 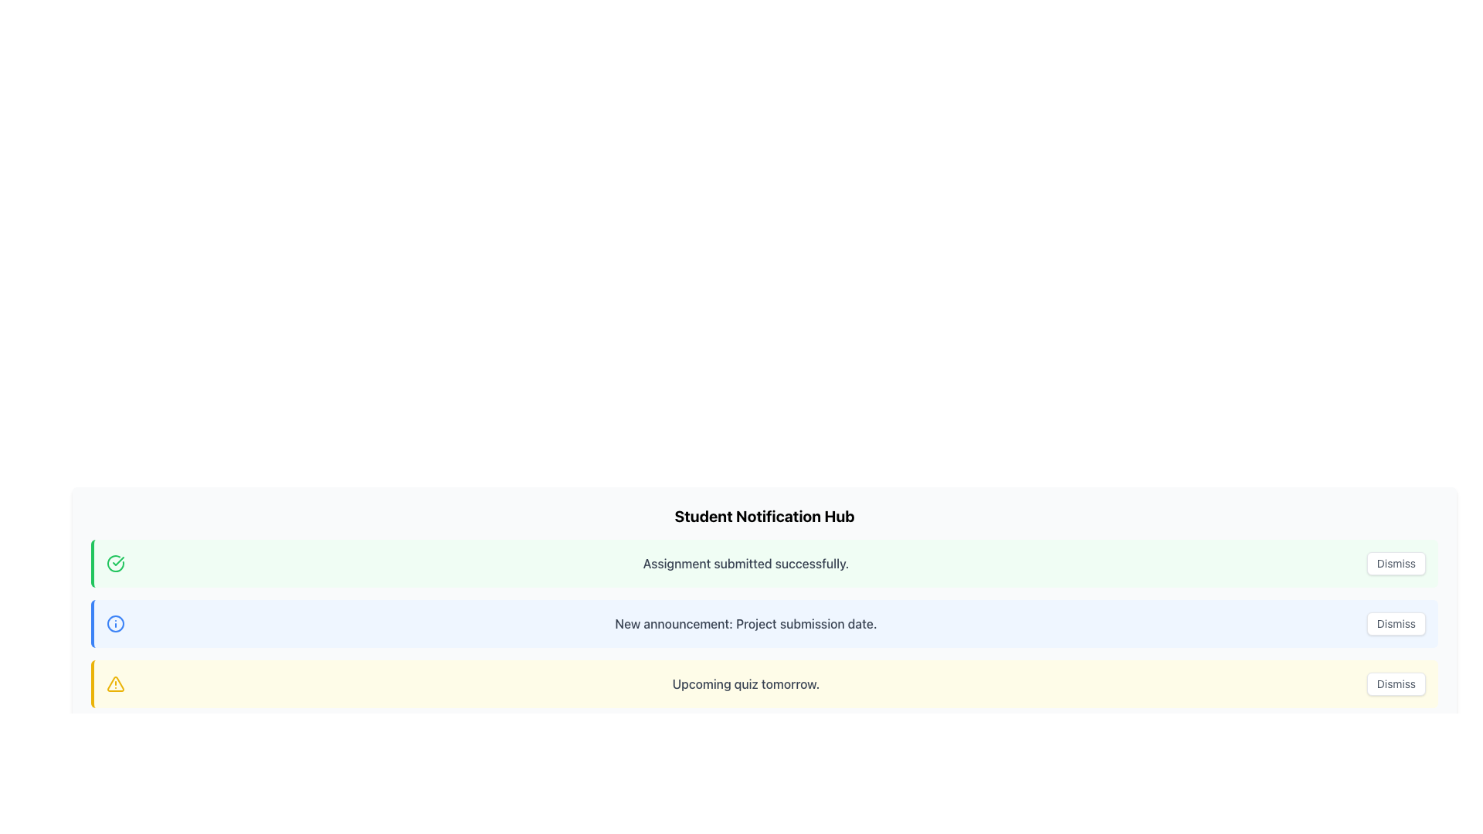 What do you see at coordinates (114, 622) in the screenshot?
I see `the information icon represented as an outlined blue circle with a smaller solid circle inside it, located in the second notification bar titled 'New announcement: Project submission date.'` at bounding box center [114, 622].